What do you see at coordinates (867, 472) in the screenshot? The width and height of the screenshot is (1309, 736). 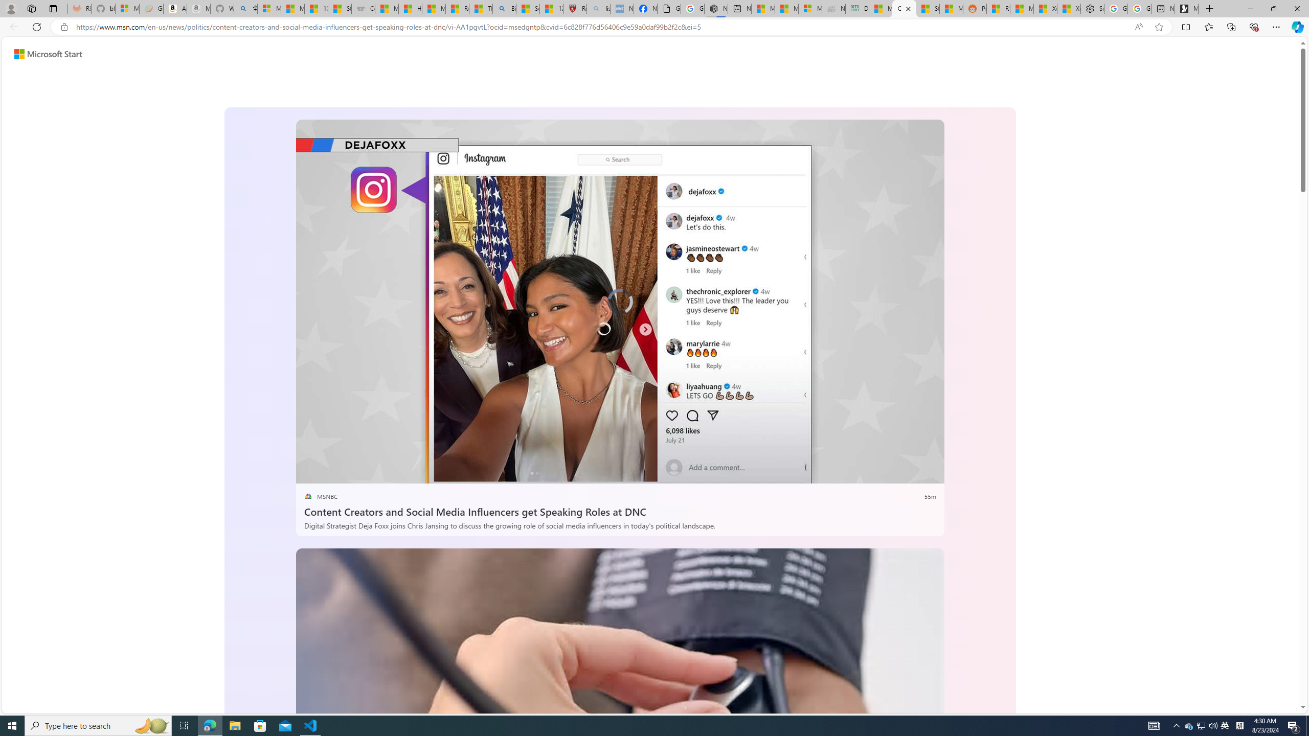 I see `'Quality Settings'` at bounding box center [867, 472].